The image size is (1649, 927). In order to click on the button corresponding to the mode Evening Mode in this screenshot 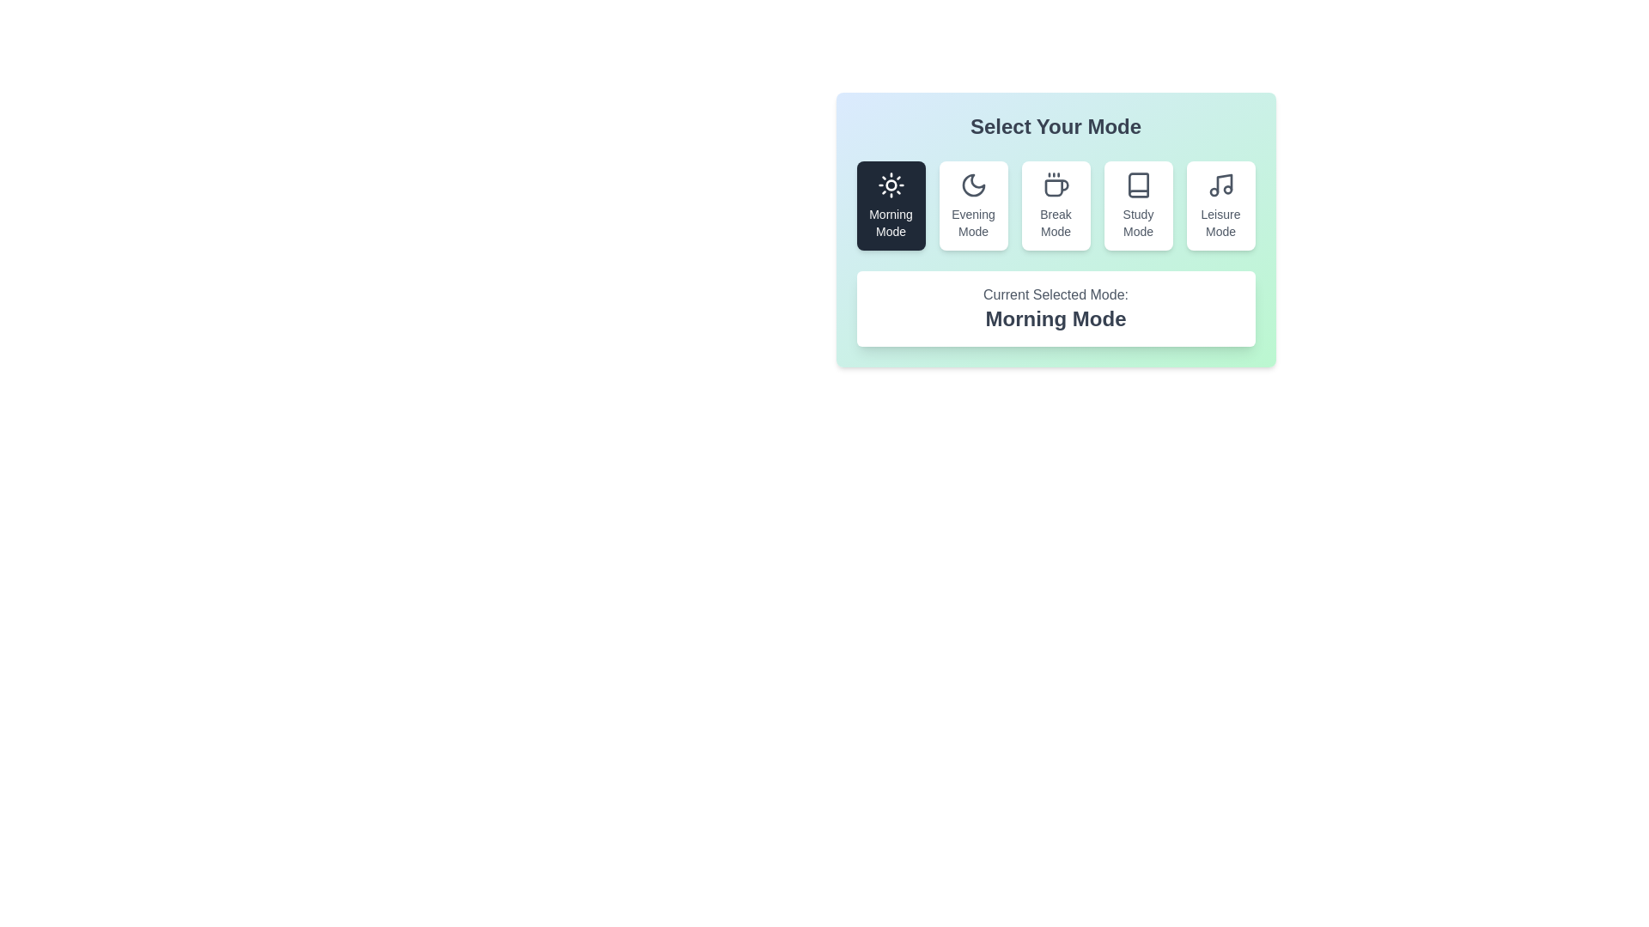, I will do `click(973, 204)`.